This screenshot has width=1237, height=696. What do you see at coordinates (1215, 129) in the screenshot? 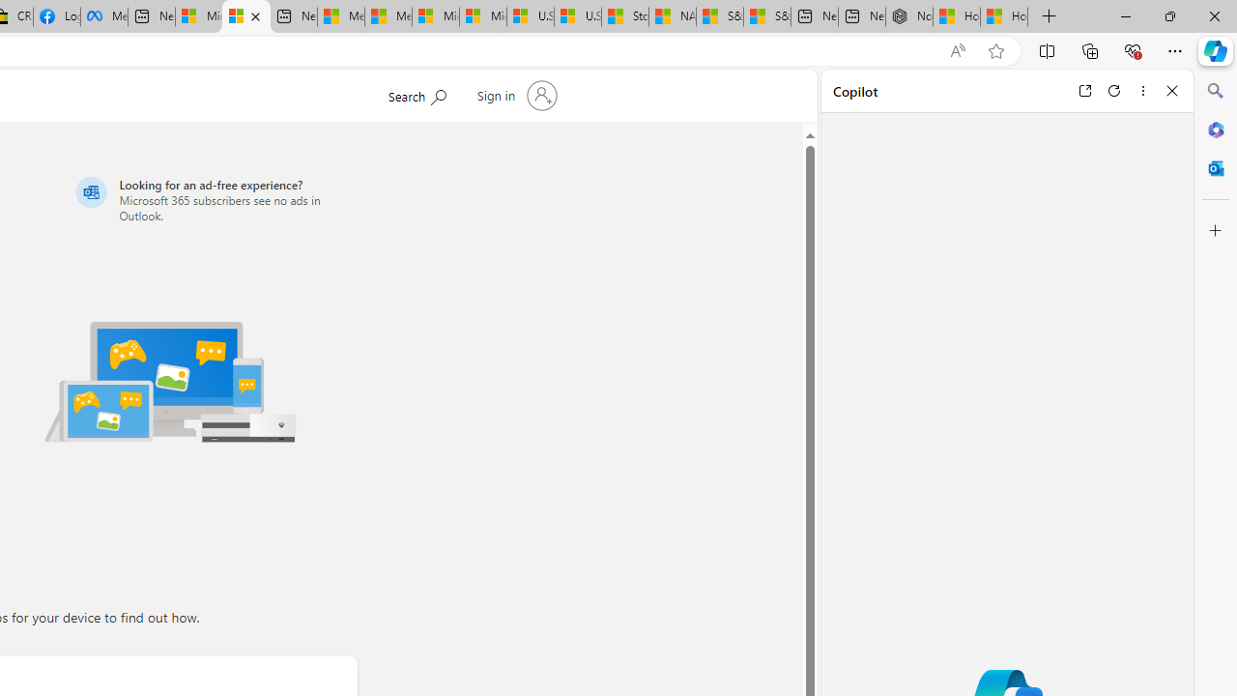
I see `'Microsoft 365'` at bounding box center [1215, 129].